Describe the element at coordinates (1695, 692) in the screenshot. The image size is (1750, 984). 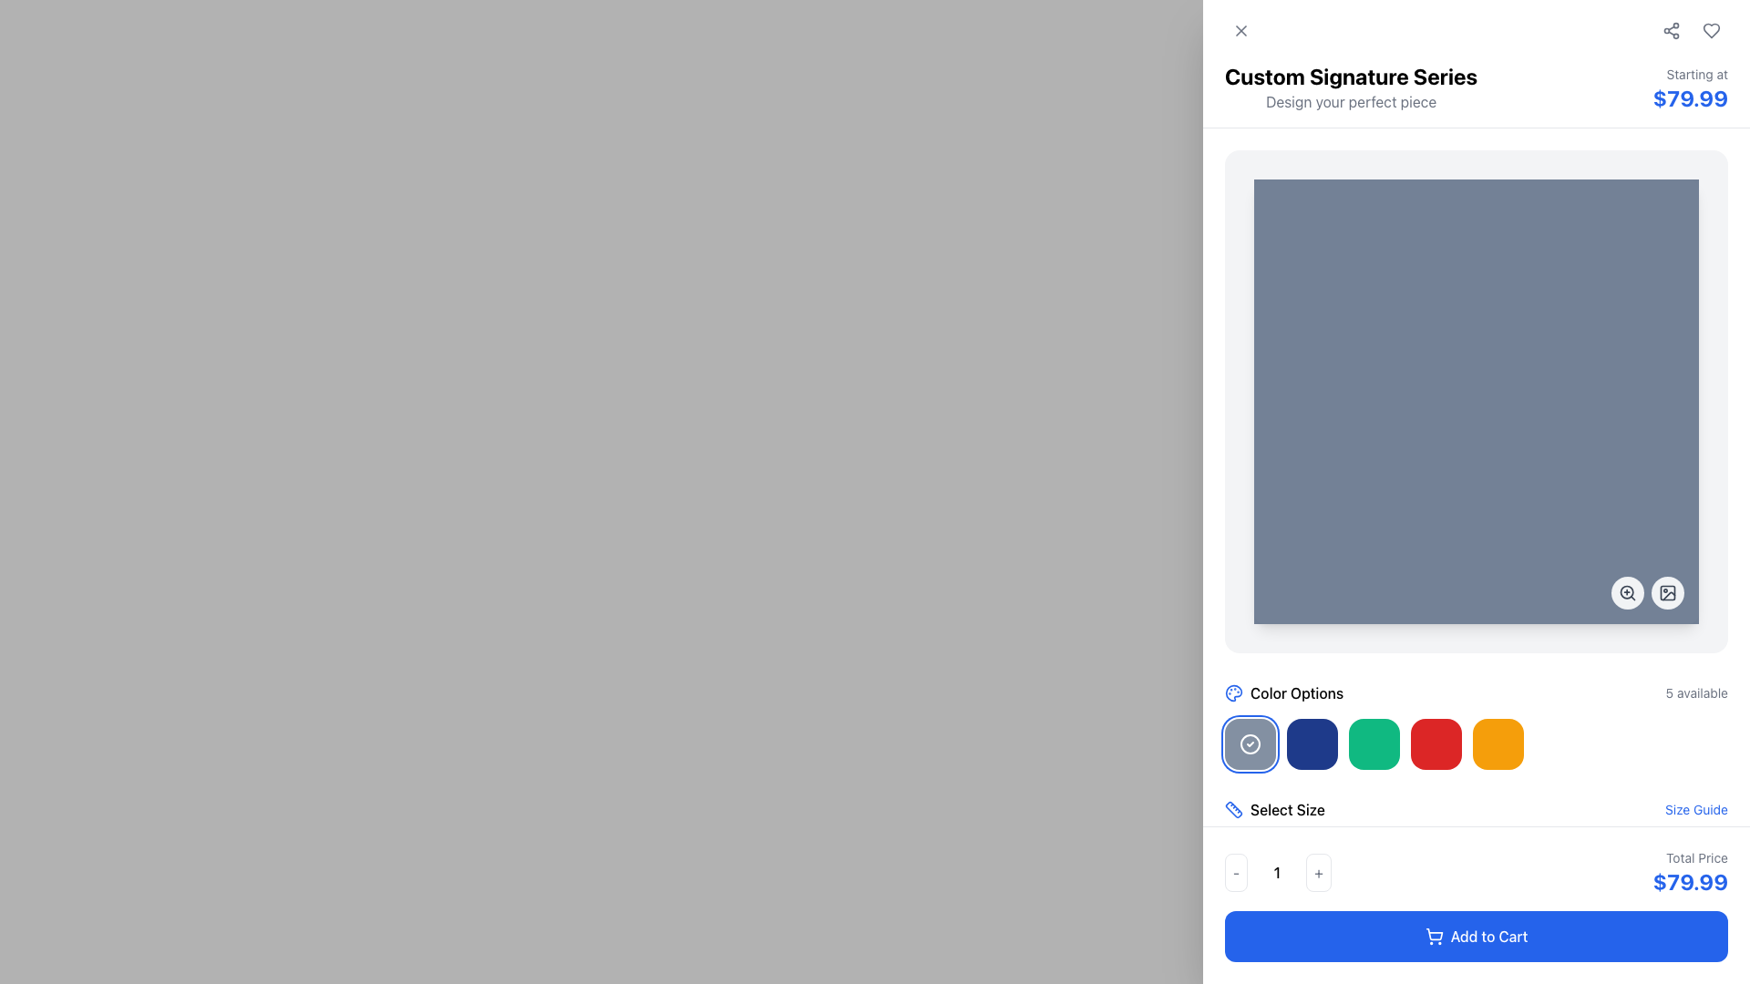
I see `the text label displaying '5 available' located in the 'Color Options' section near the bottom right corner of the interface` at that location.